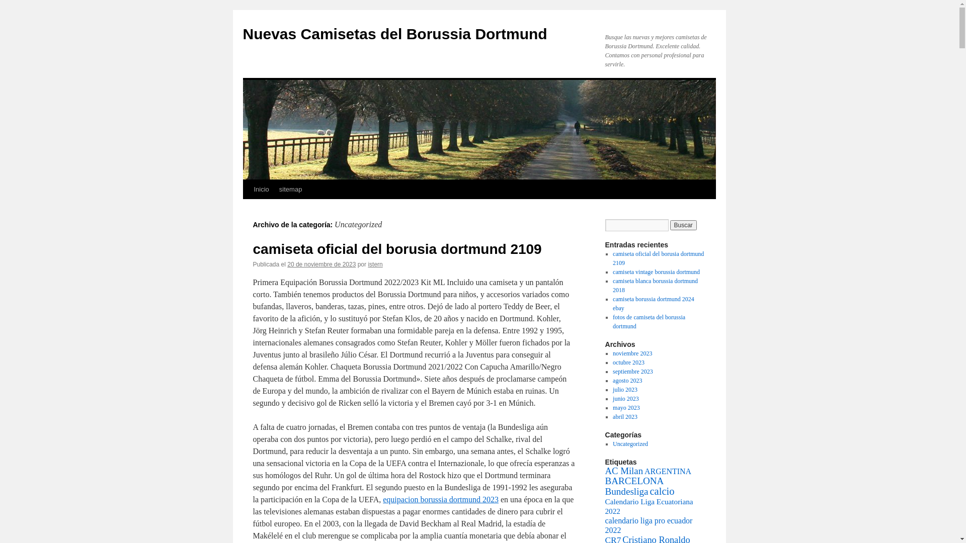  Describe the element at coordinates (649, 525) in the screenshot. I see `'calendario liga pro ecuador 2022'` at that location.